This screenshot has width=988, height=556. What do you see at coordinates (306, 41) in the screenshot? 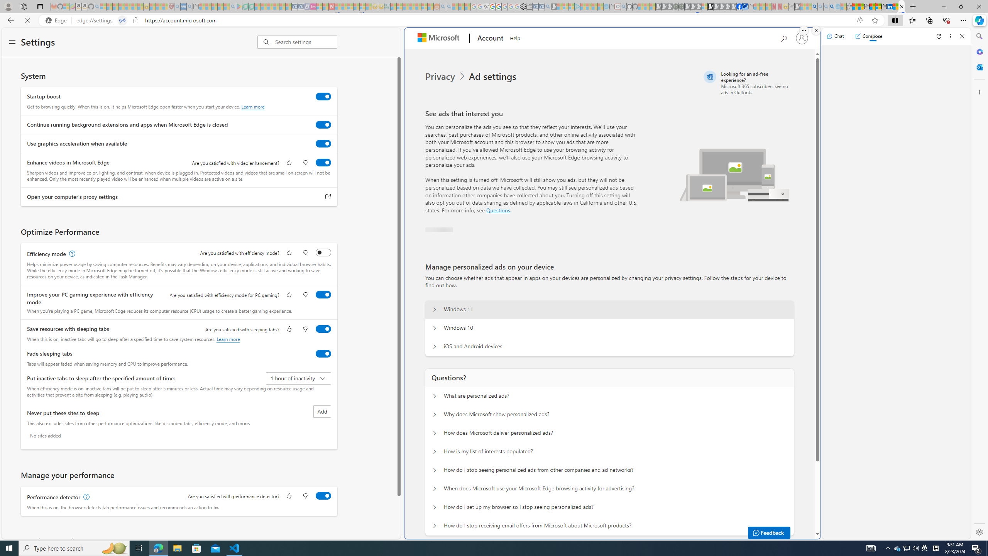
I see `'Search settings'` at bounding box center [306, 41].